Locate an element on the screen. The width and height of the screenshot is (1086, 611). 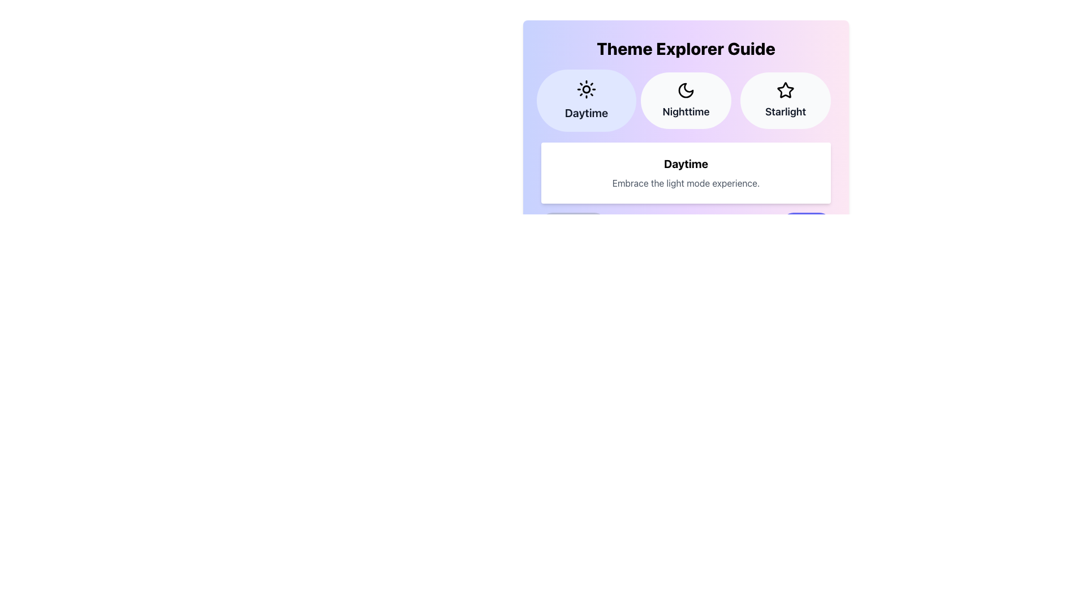
the representation of the circular component within the sun illustration icon in the 'Daytime' theme selector by clicking on it is located at coordinates (586, 89).